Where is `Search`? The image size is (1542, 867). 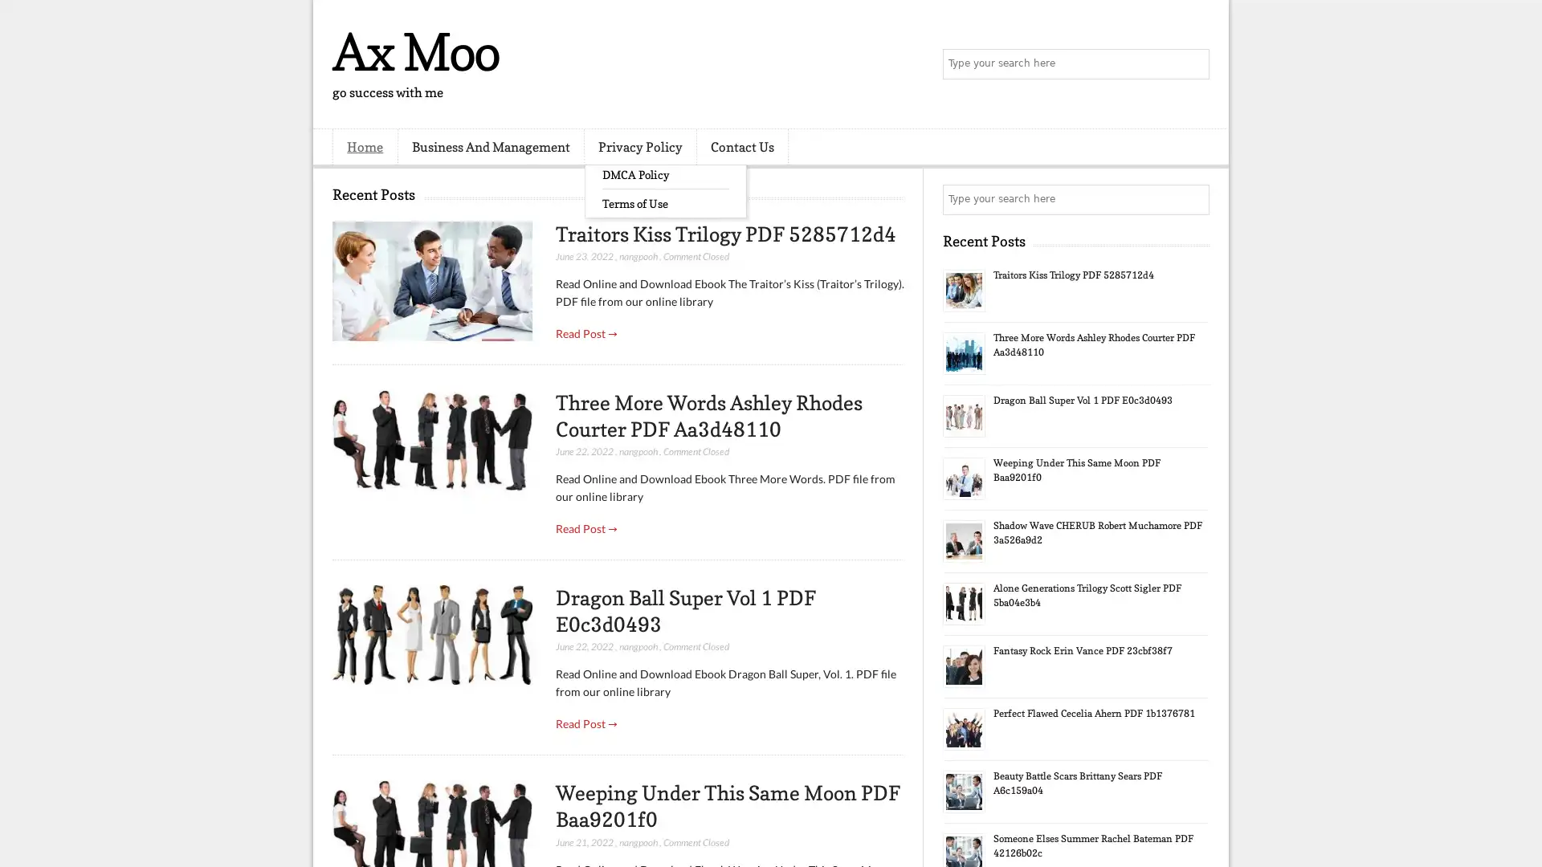 Search is located at coordinates (1193, 64).